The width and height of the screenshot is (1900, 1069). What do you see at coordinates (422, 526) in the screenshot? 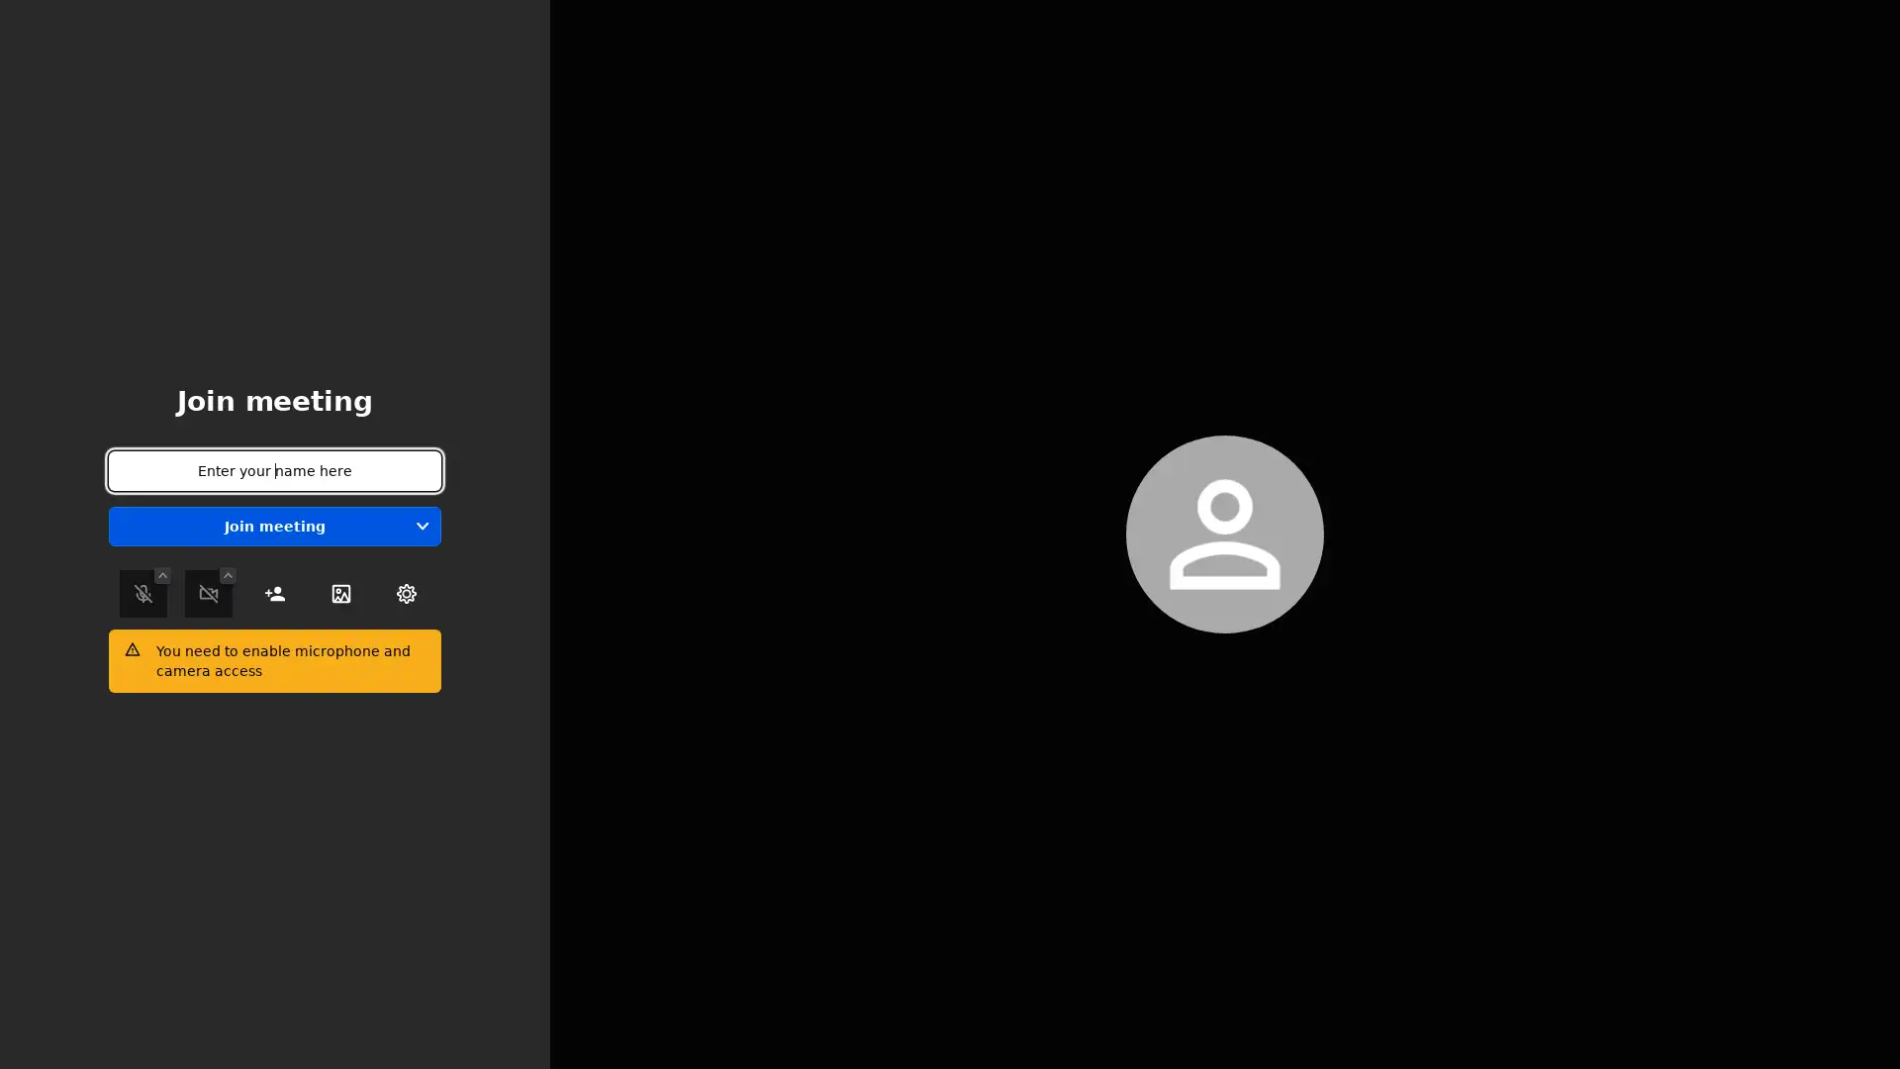
I see `Join without audio` at bounding box center [422, 526].